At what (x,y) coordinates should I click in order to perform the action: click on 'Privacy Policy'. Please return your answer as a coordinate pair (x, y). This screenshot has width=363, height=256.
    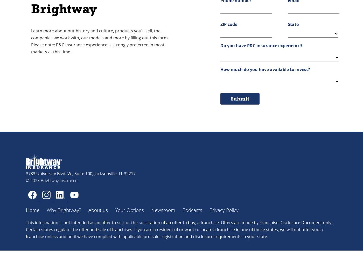
    Looking at the image, I should click on (224, 210).